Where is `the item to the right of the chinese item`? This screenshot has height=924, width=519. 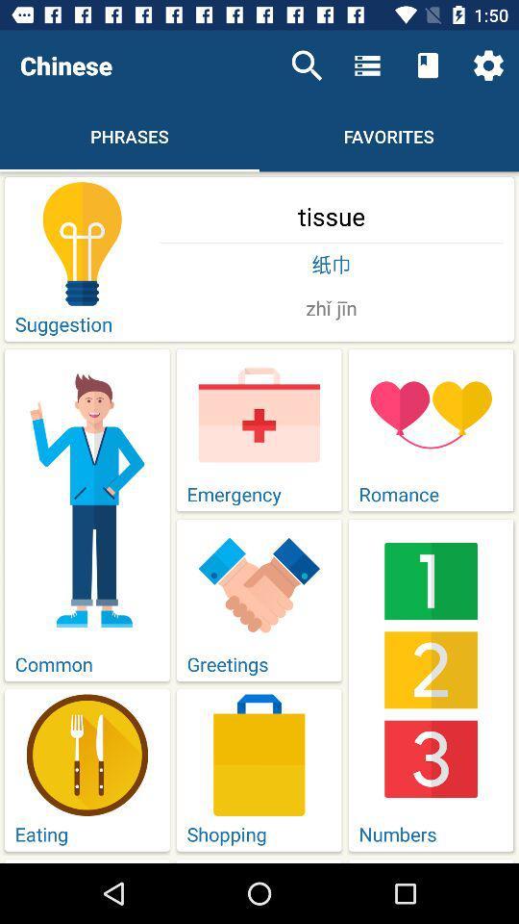 the item to the right of the chinese item is located at coordinates (307, 65).